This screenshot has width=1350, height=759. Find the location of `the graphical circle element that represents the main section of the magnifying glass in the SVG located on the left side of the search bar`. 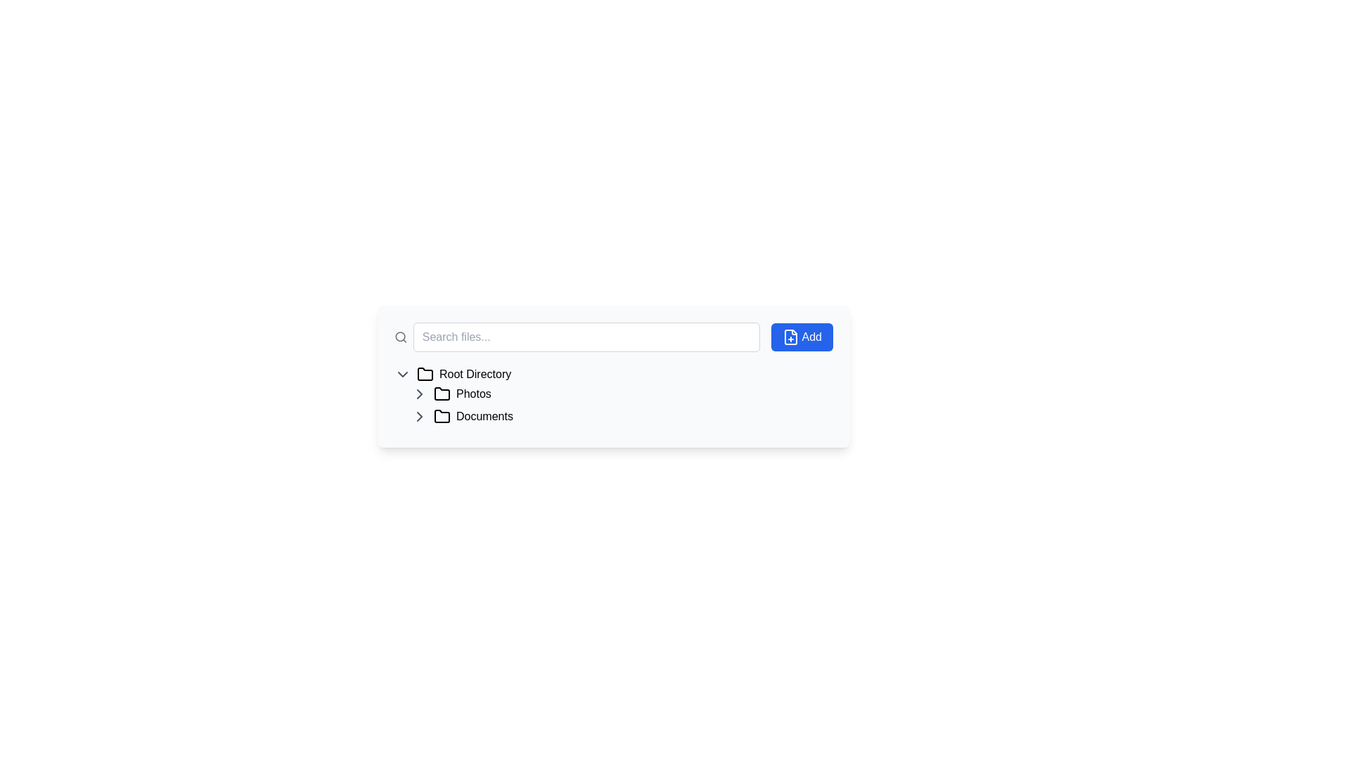

the graphical circle element that represents the main section of the magnifying glass in the SVG located on the left side of the search bar is located at coordinates (399, 337).